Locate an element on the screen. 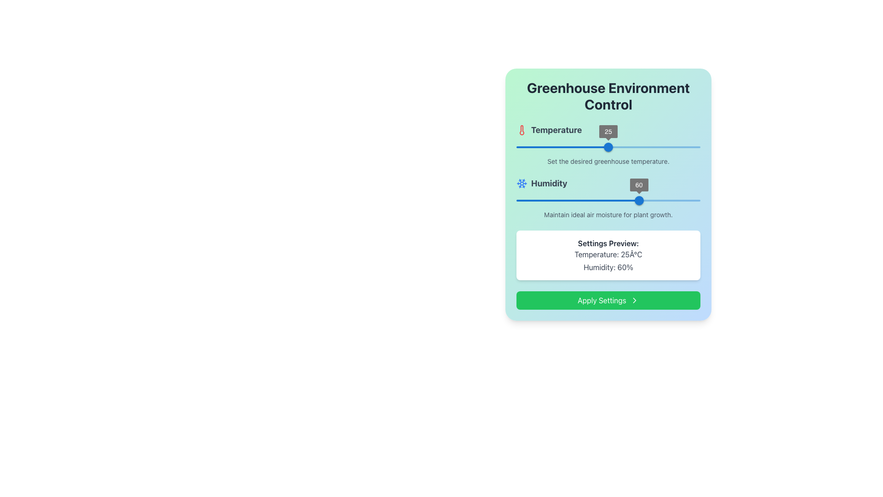 Image resolution: width=883 pixels, height=497 pixels. the humidity level is located at coordinates (626, 200).